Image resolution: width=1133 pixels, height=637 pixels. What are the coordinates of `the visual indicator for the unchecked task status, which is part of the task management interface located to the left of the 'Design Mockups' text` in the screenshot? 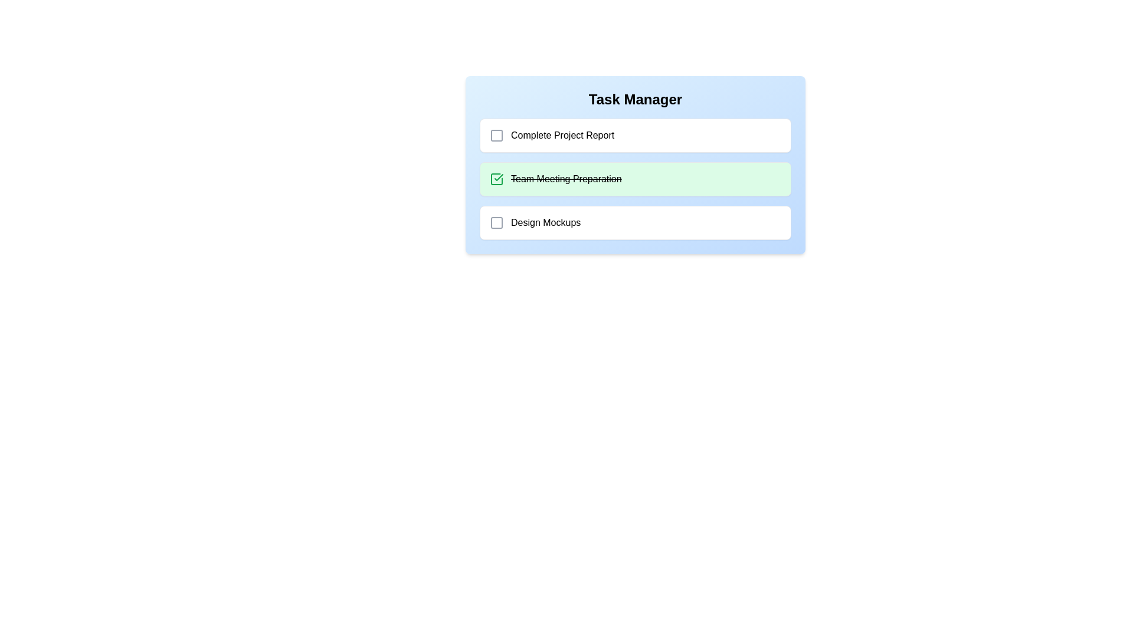 It's located at (496, 223).